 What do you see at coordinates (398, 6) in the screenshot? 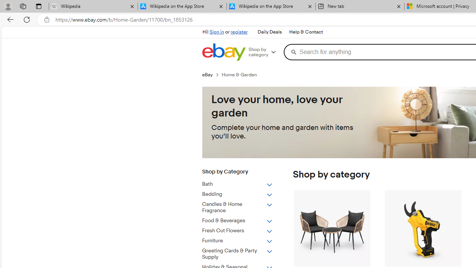
I see `'Close tab'` at bounding box center [398, 6].